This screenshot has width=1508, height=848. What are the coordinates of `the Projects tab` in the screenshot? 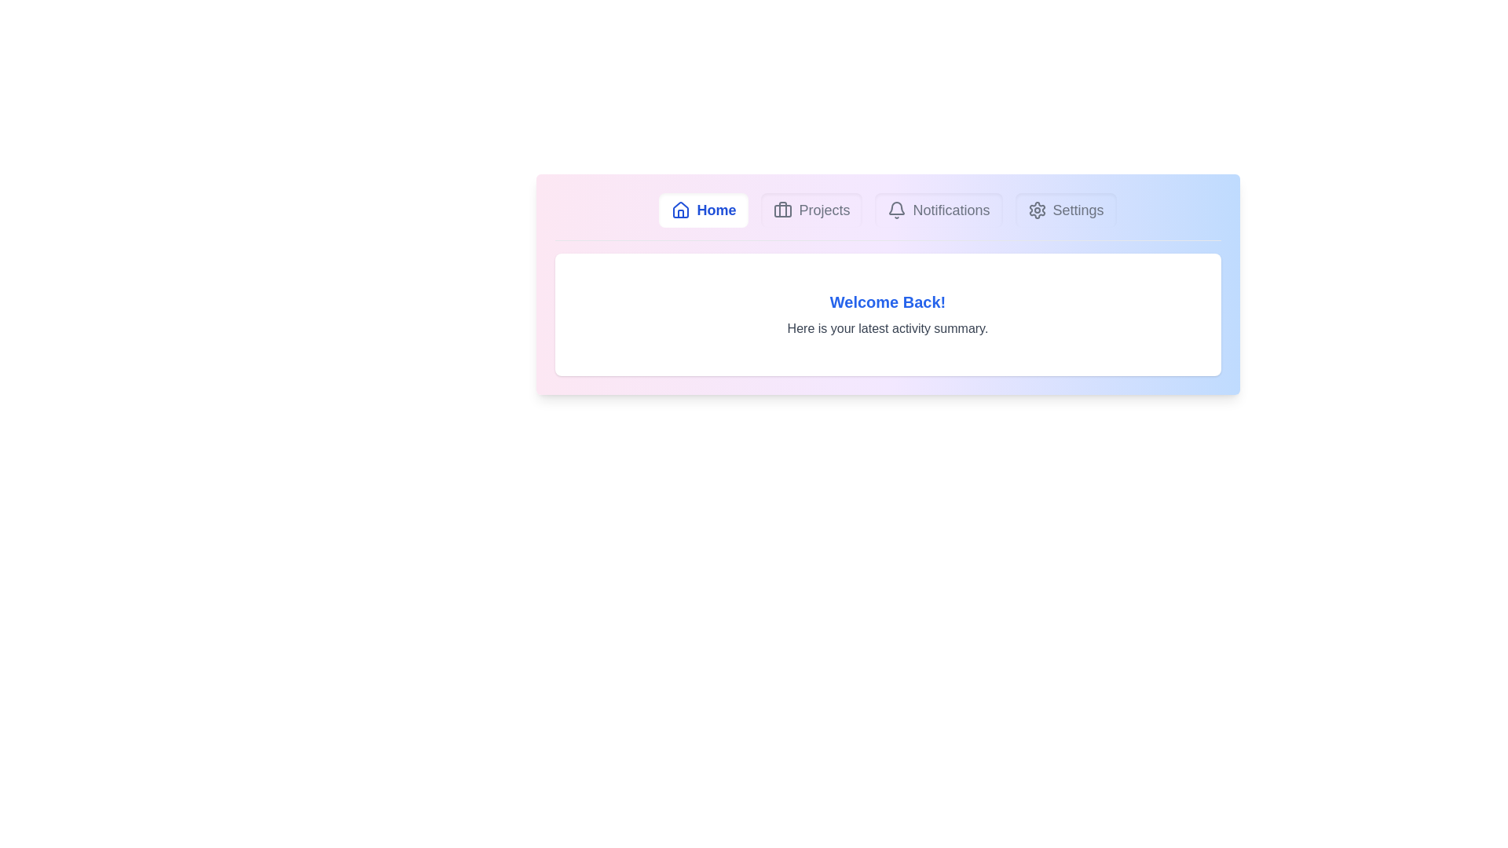 It's located at (811, 209).